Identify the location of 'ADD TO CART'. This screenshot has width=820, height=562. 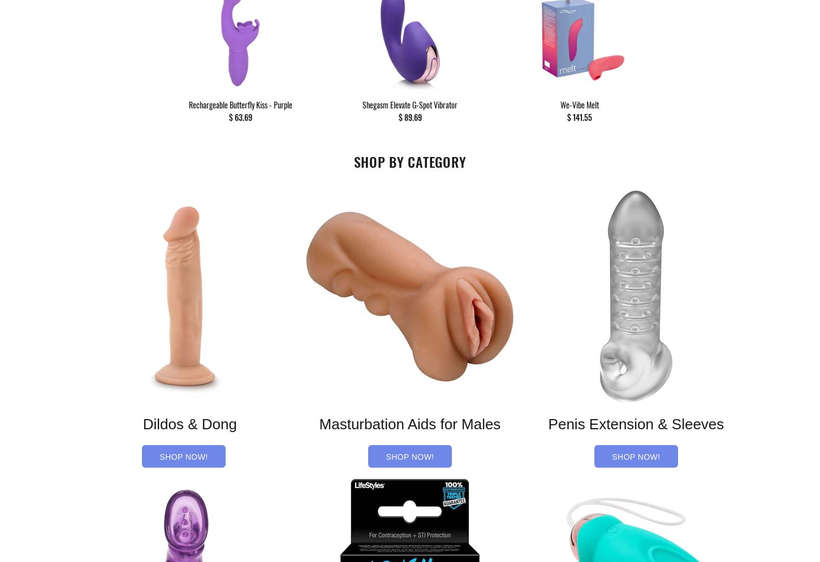
(418, 142).